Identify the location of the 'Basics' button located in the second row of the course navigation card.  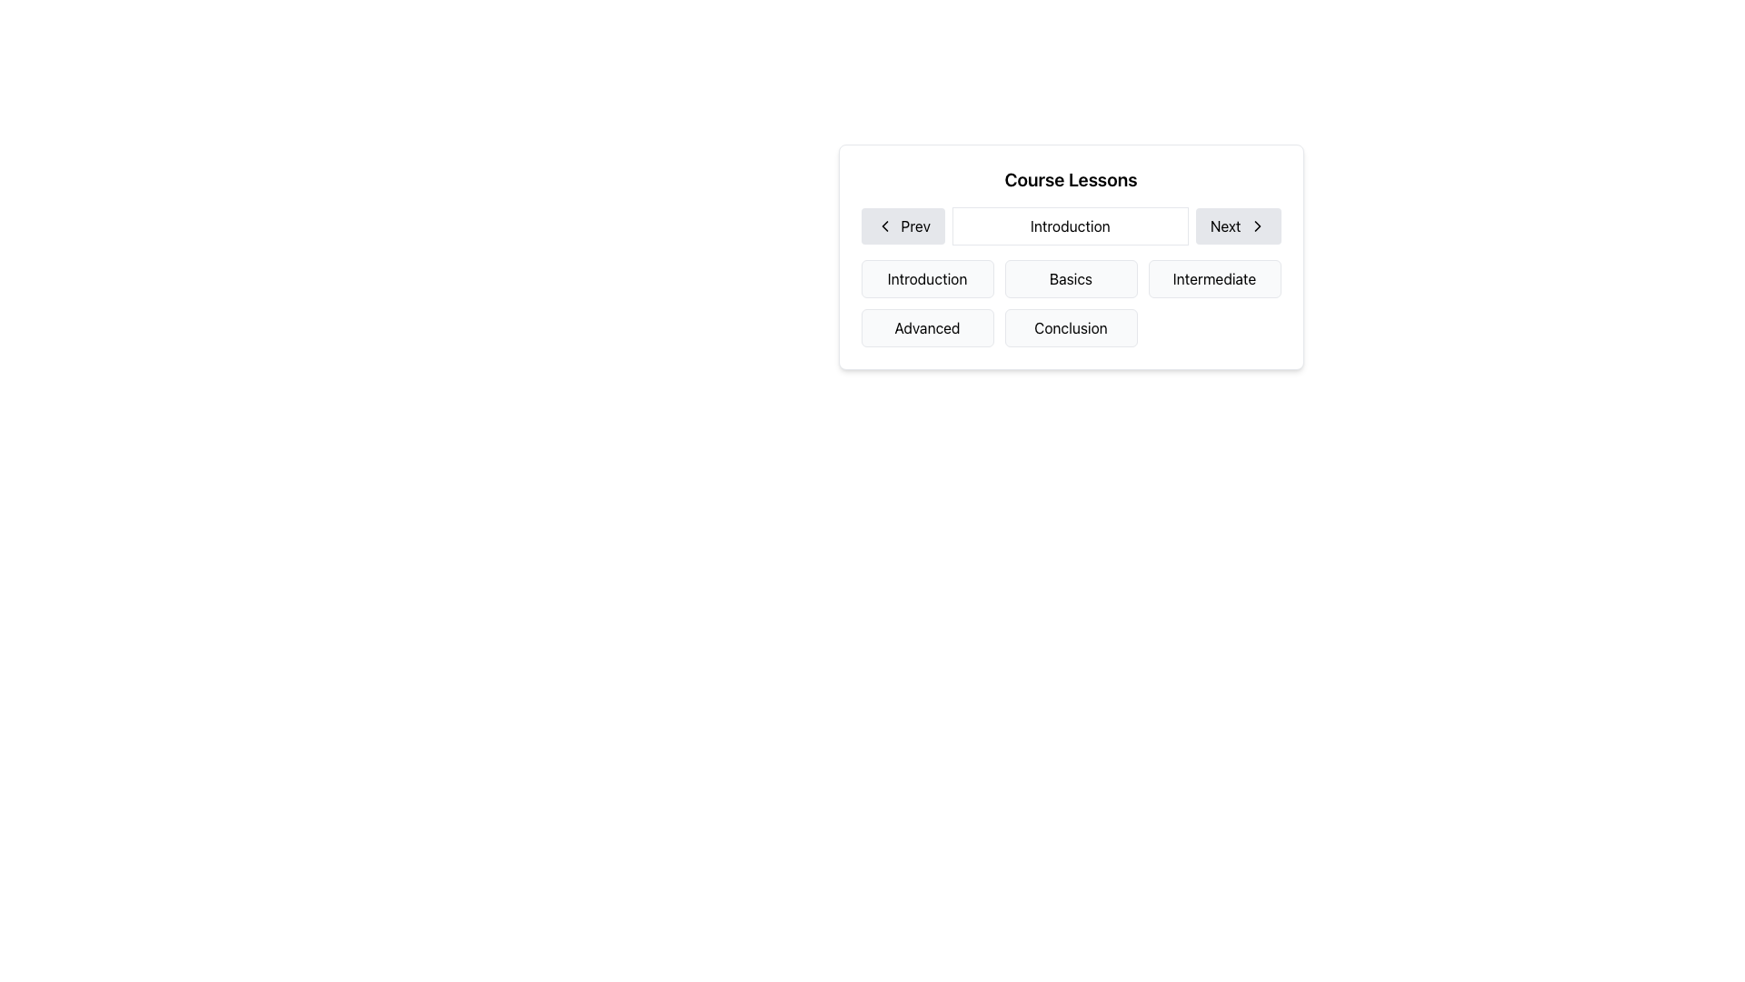
(1071, 256).